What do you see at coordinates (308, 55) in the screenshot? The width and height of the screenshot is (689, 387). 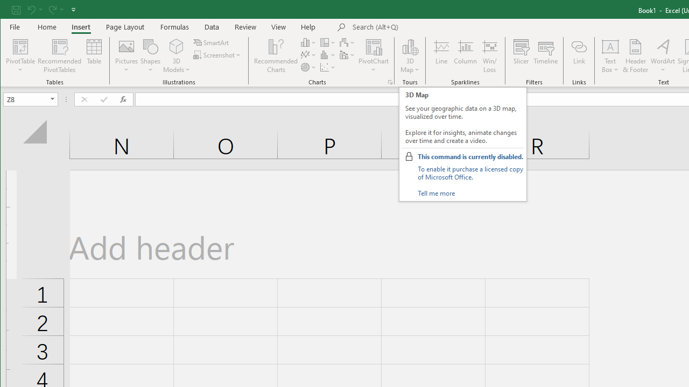 I see `'Insert Line or Area Chart'` at bounding box center [308, 55].